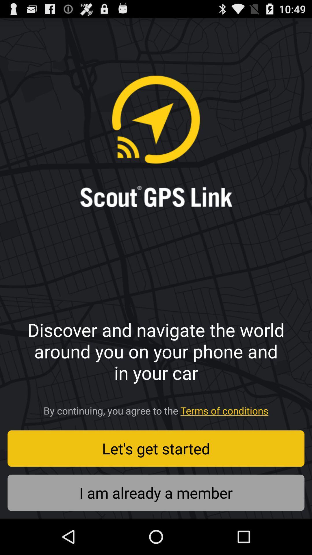  Describe the element at coordinates (156, 408) in the screenshot. I see `the item below the discover and navigate item` at that location.